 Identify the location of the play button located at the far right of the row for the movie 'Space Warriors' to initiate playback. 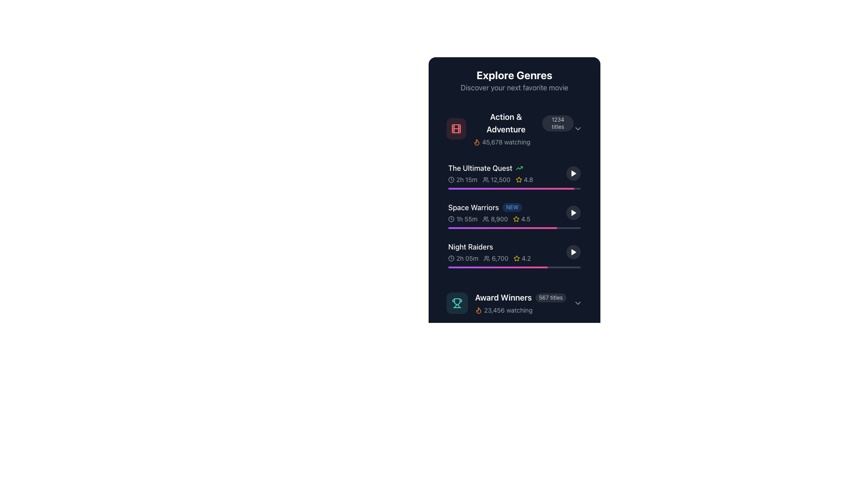
(573, 212).